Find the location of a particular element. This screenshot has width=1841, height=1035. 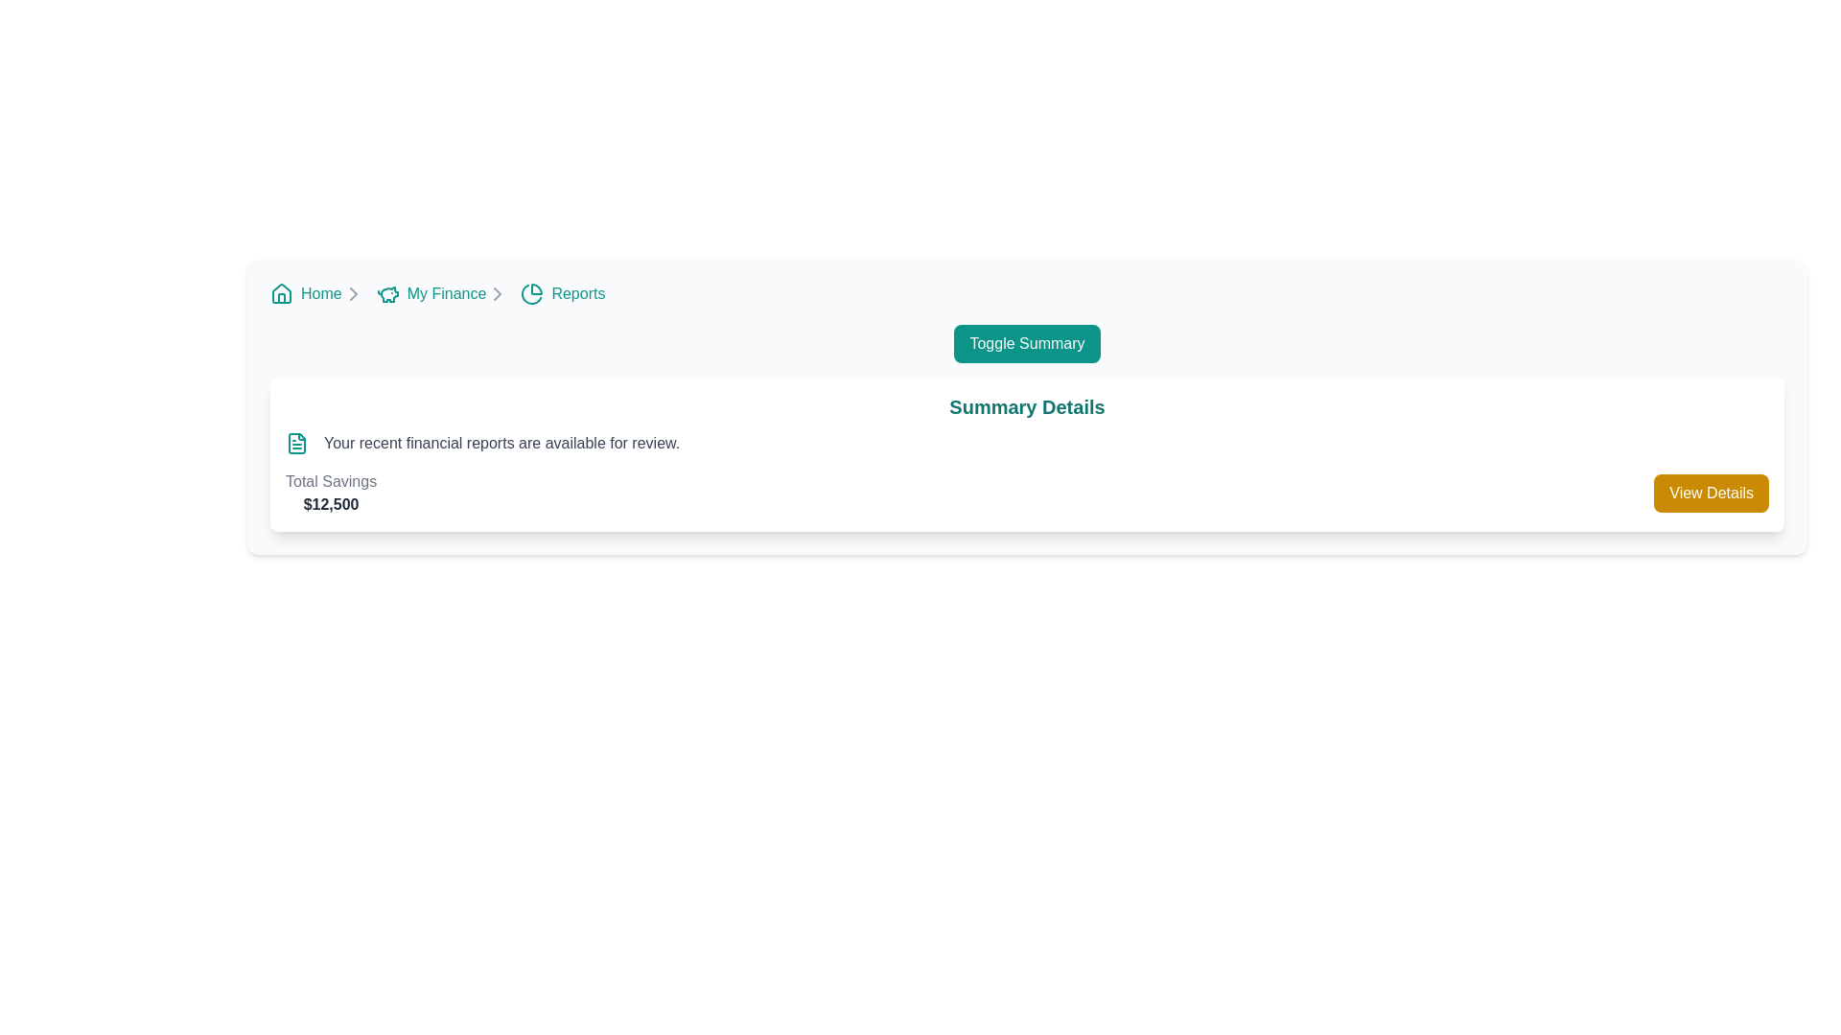

the house icon in the navigation bar, which represents the 'Home' section is located at coordinates (280, 292).